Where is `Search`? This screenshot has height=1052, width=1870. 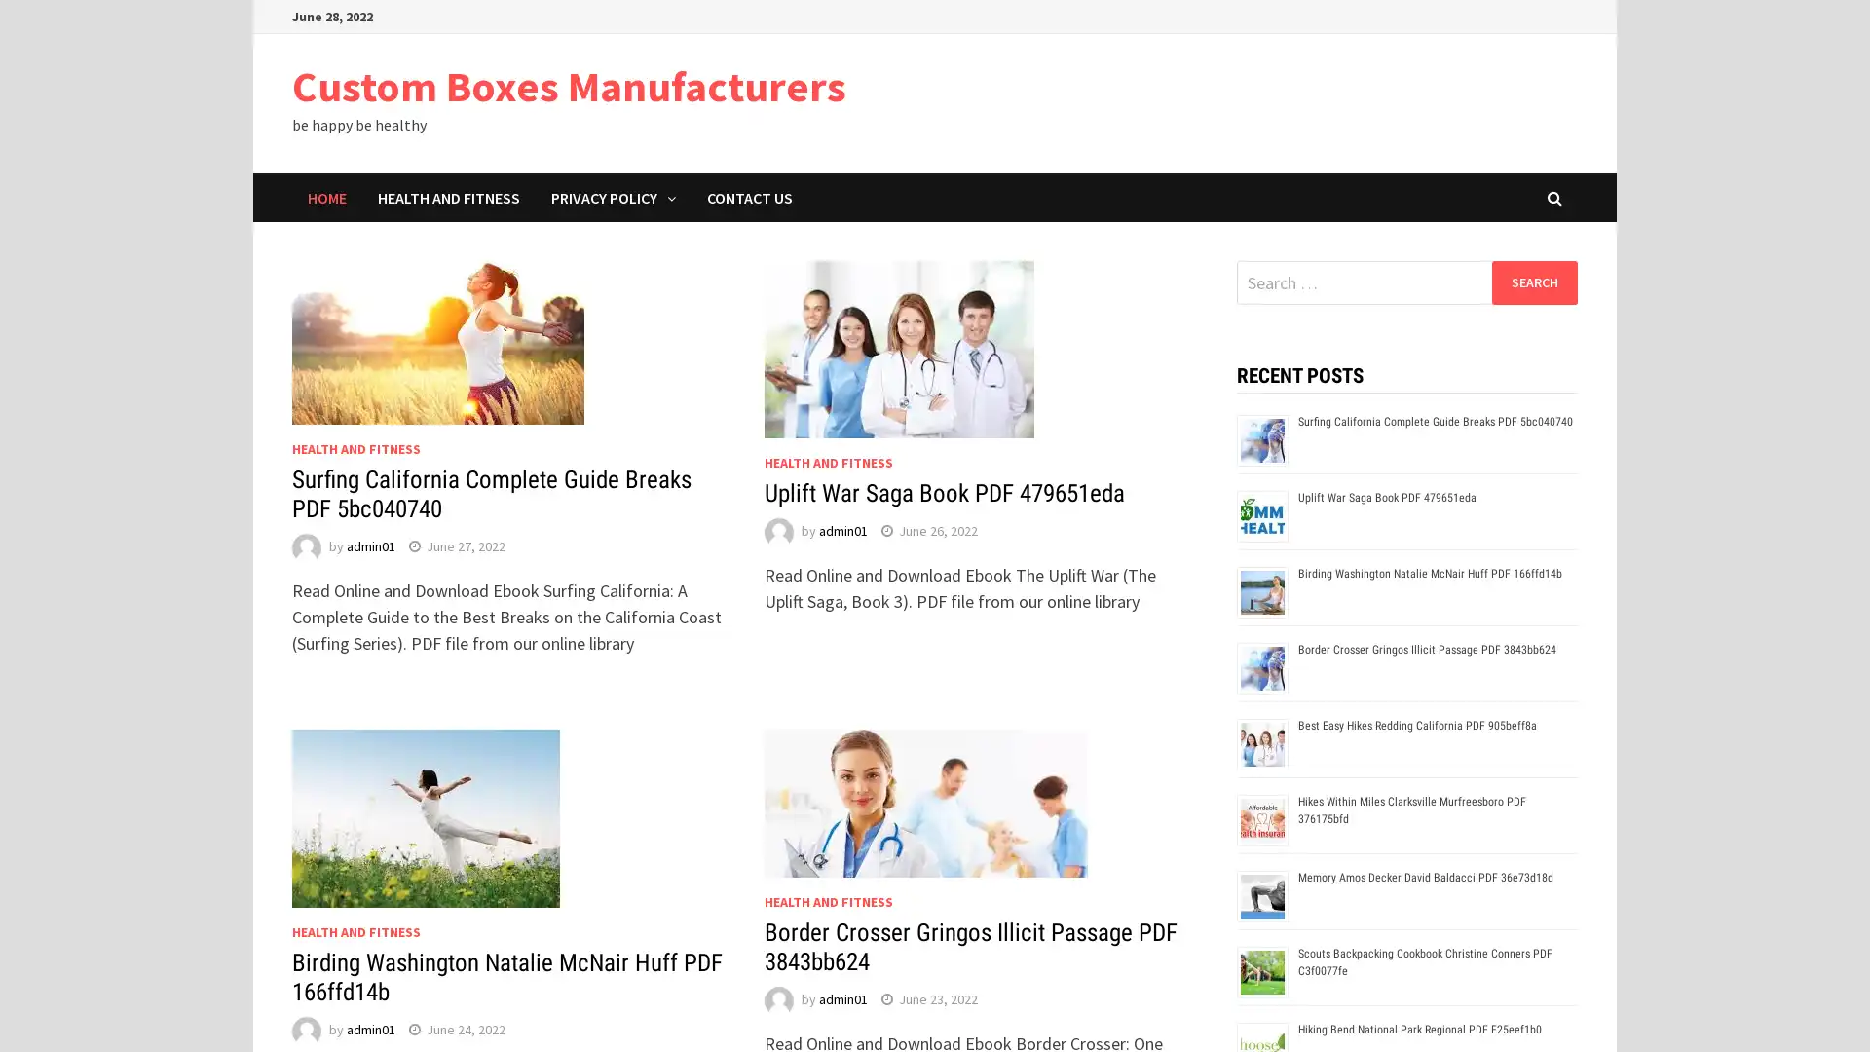
Search is located at coordinates (1533, 282).